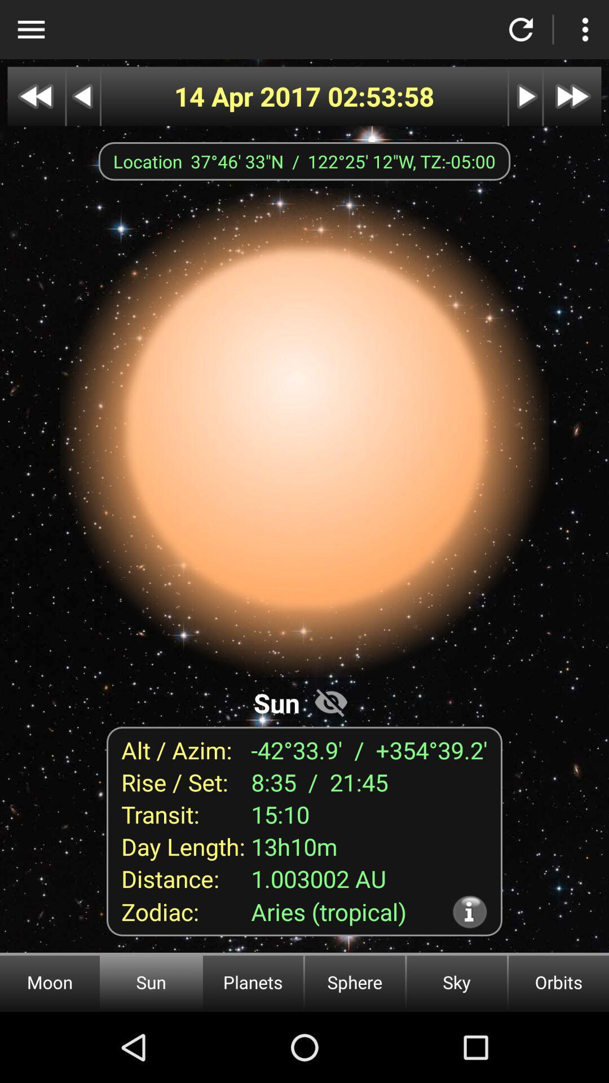  What do you see at coordinates (82, 96) in the screenshot?
I see `rewind` at bounding box center [82, 96].